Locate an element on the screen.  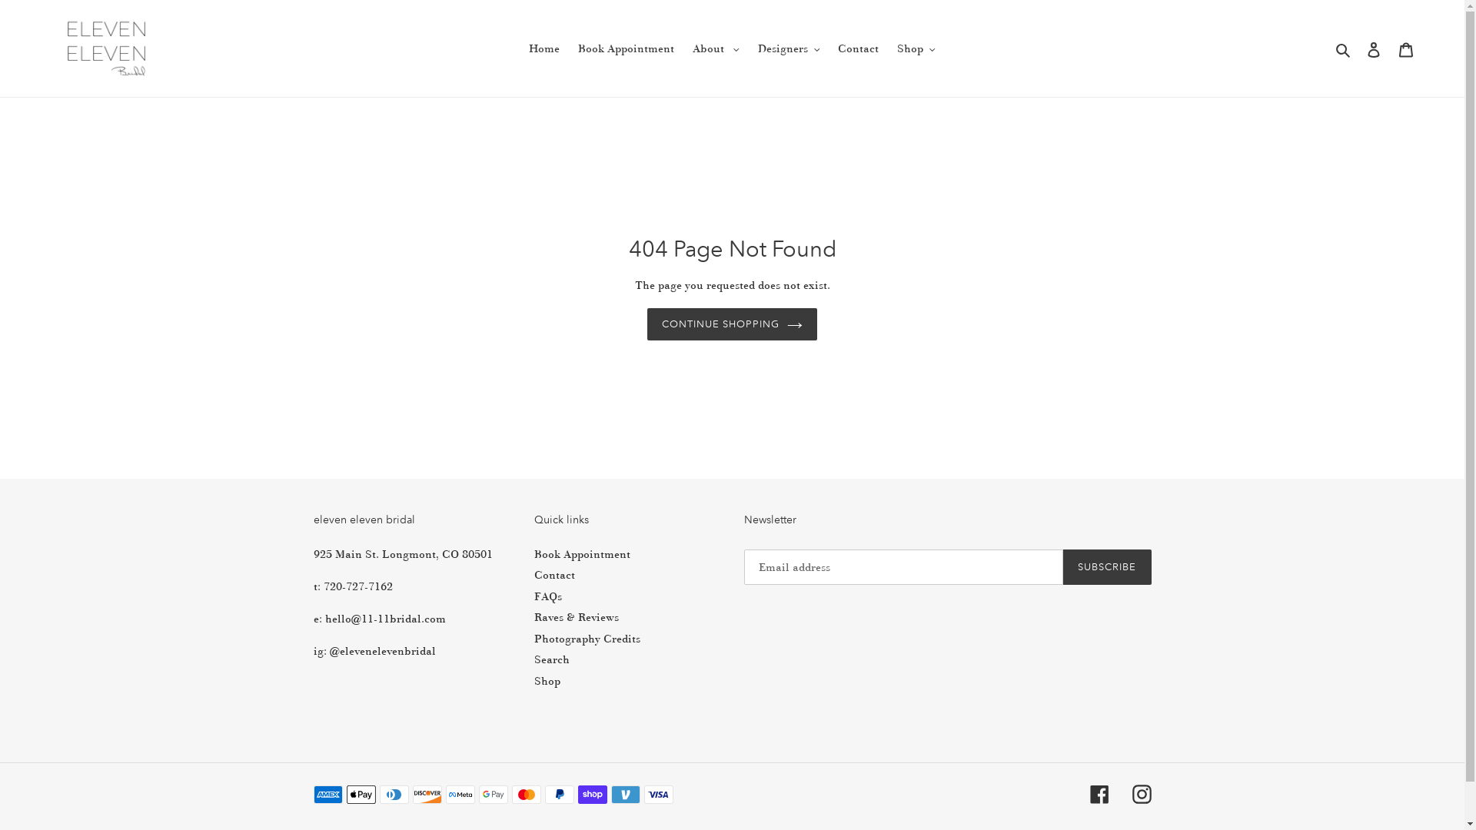
'Raves & Reviews' is located at coordinates (575, 616).